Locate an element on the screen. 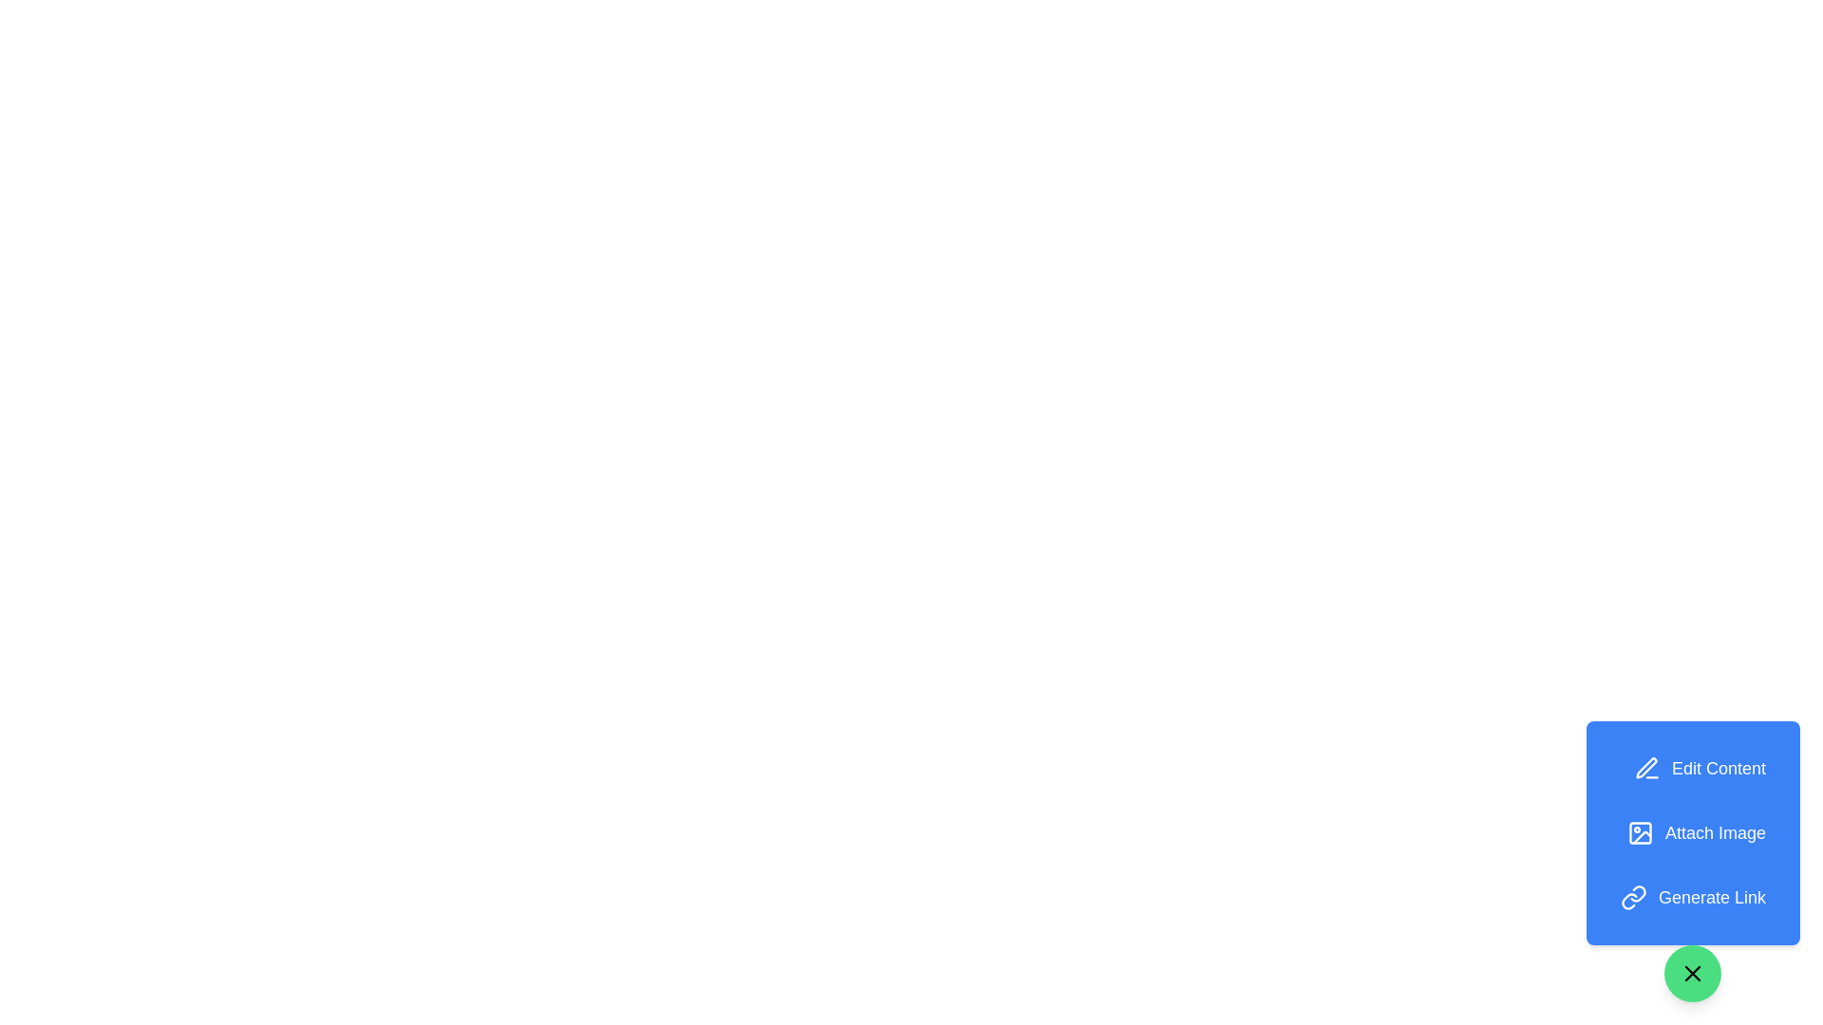  the toggle button to expand or collapse the speed dial menu is located at coordinates (1692, 974).